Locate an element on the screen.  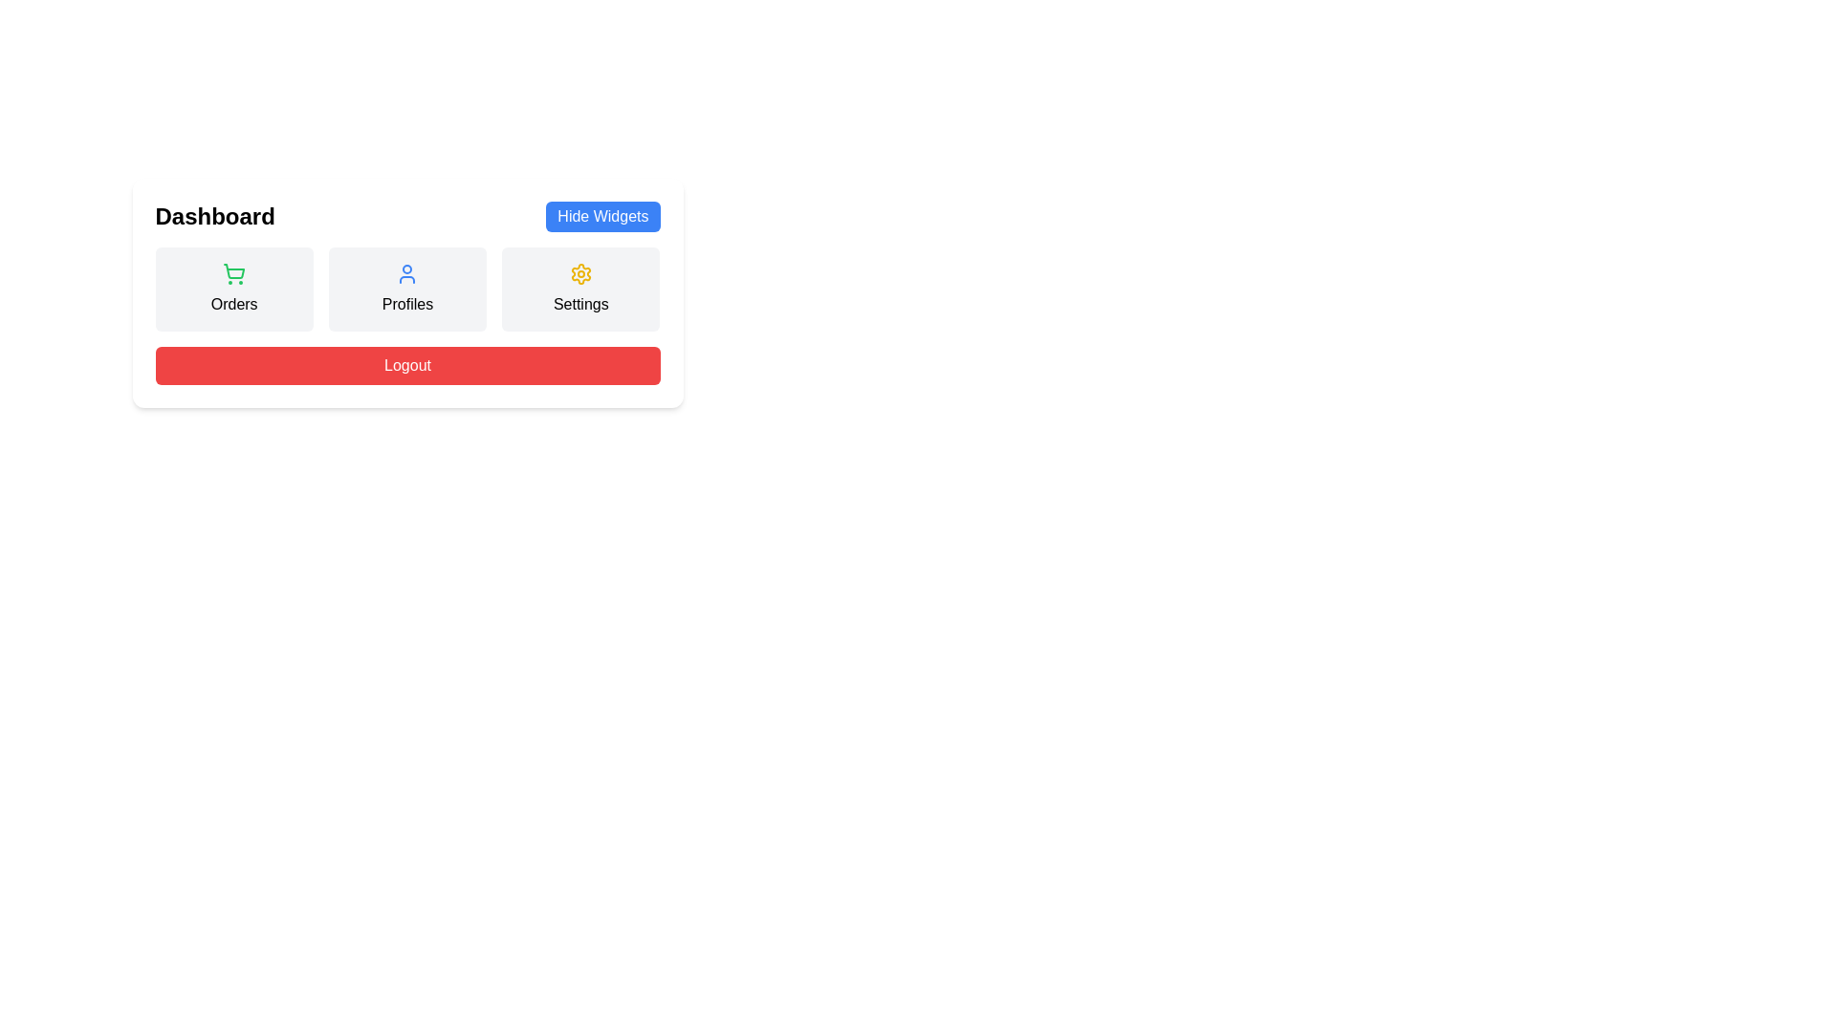
the 'Orders' text label, which is located below the shopping cart icon in the Dashboard section is located at coordinates (233, 304).